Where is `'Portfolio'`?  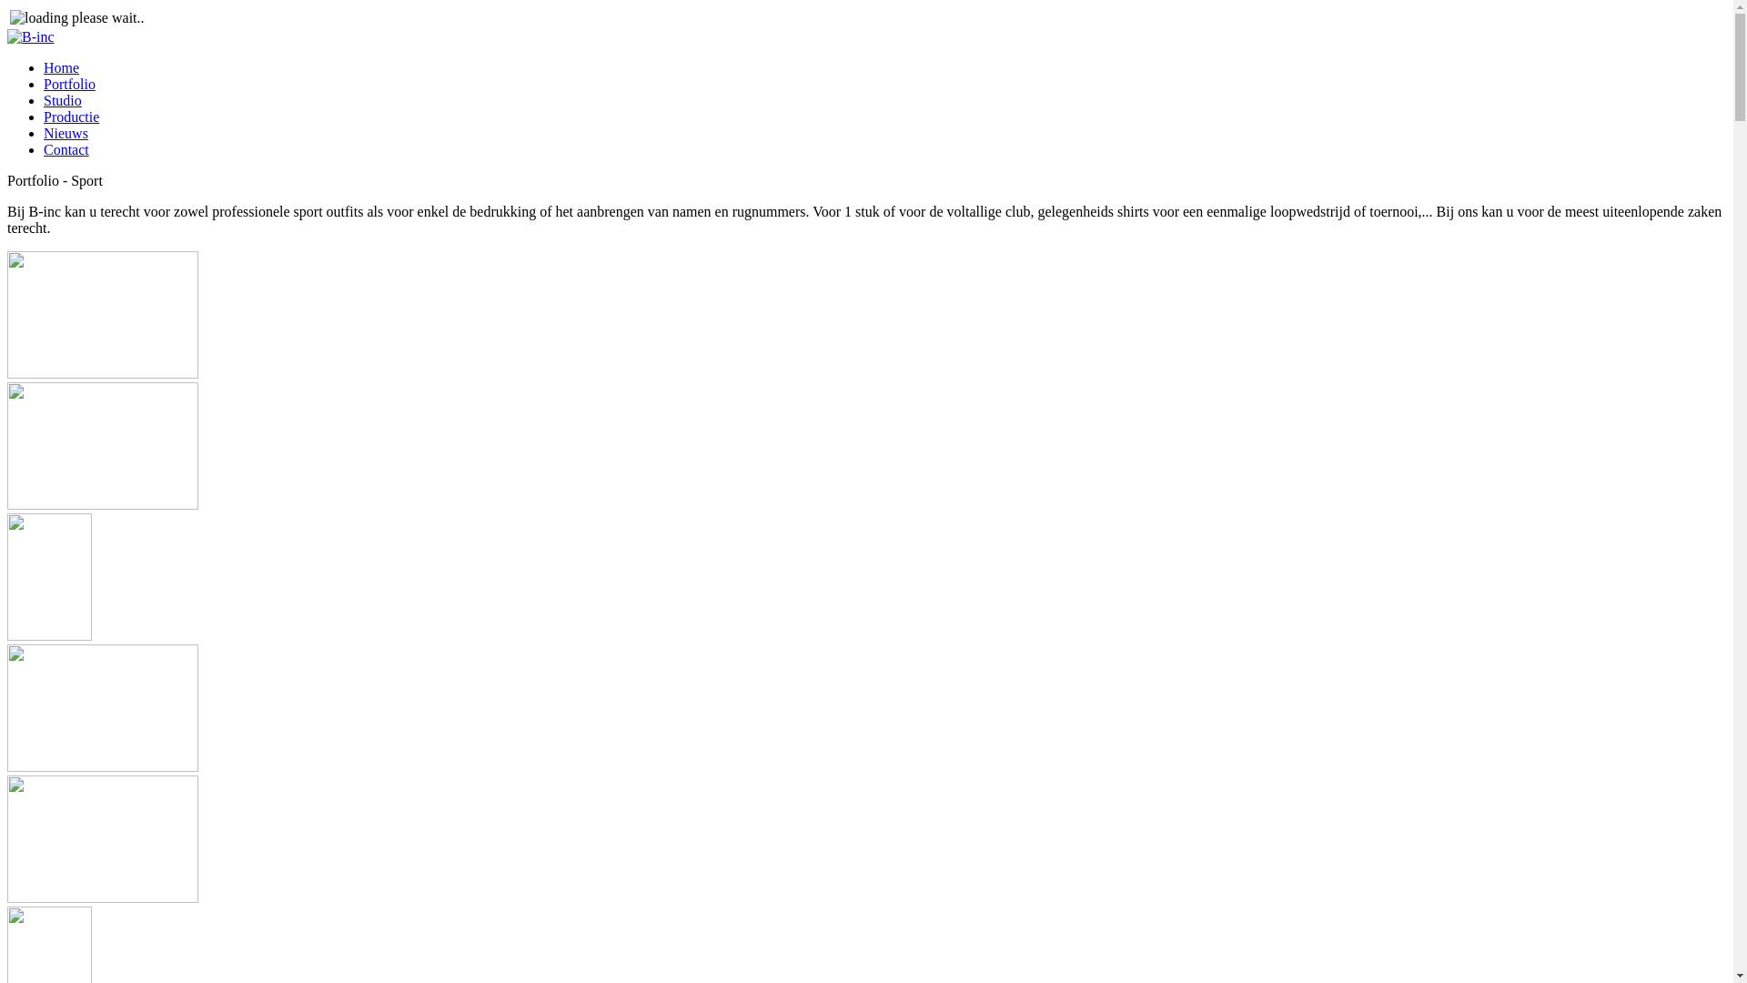 'Portfolio' is located at coordinates (69, 84).